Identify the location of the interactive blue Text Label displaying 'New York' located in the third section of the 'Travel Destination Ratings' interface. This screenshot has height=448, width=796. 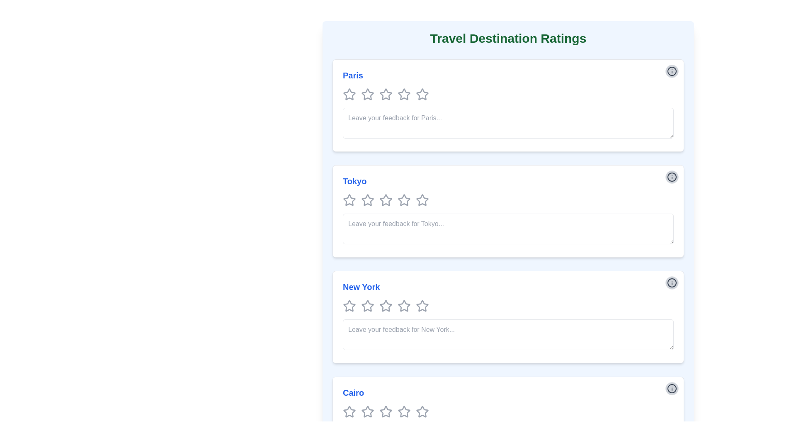
(361, 286).